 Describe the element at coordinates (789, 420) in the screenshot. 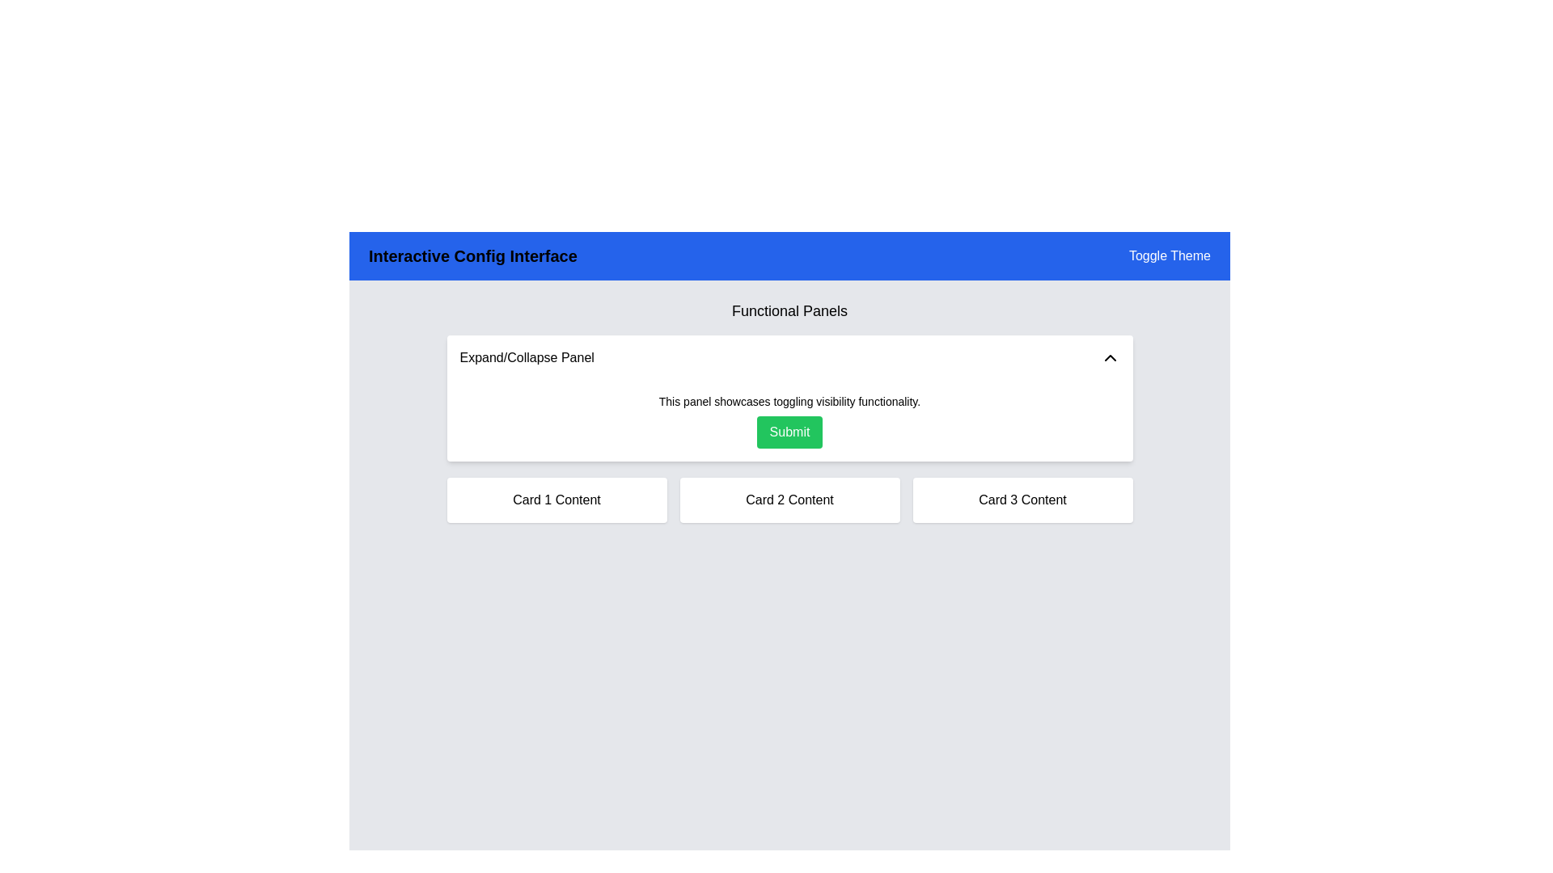

I see `the 'Submit' button located in the middle section of the interface, under the title 'Expand/Collapse Panel', inside the main panel` at that location.